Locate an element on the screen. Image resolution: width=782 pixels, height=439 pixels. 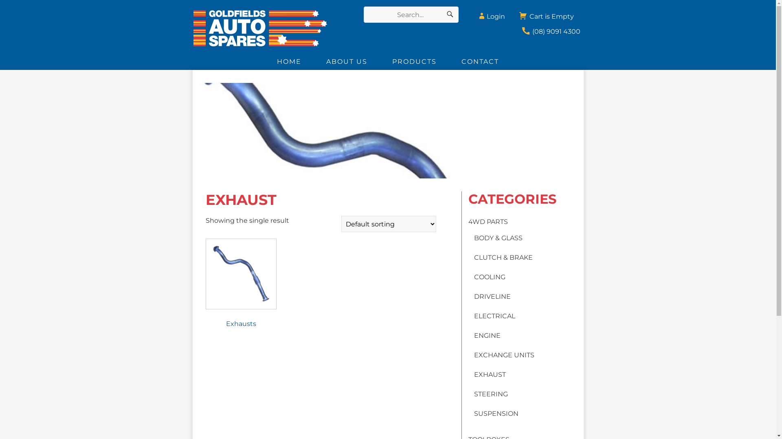
'ABOUT US' is located at coordinates (347, 61).